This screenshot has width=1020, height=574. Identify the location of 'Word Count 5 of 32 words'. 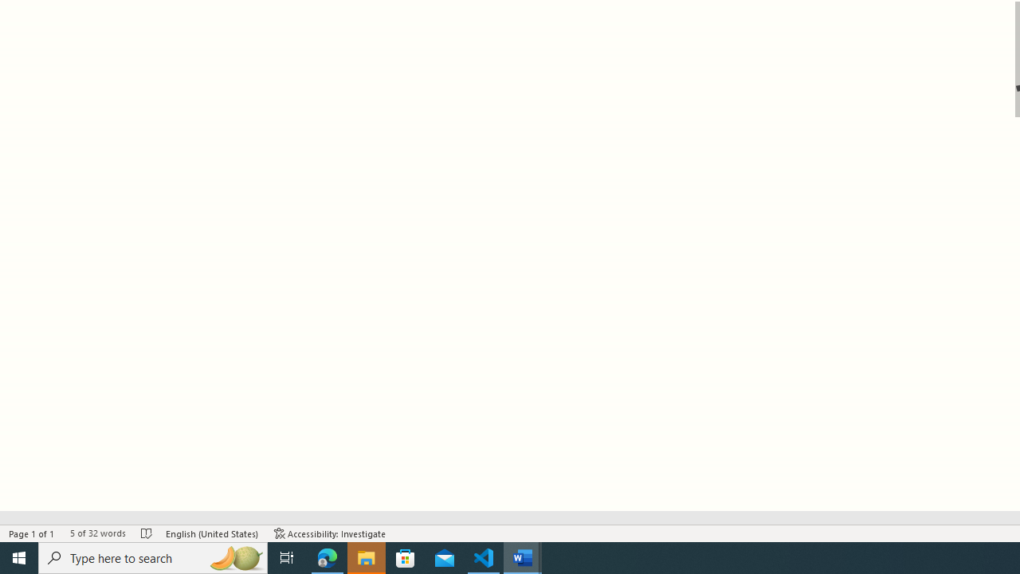
(96, 533).